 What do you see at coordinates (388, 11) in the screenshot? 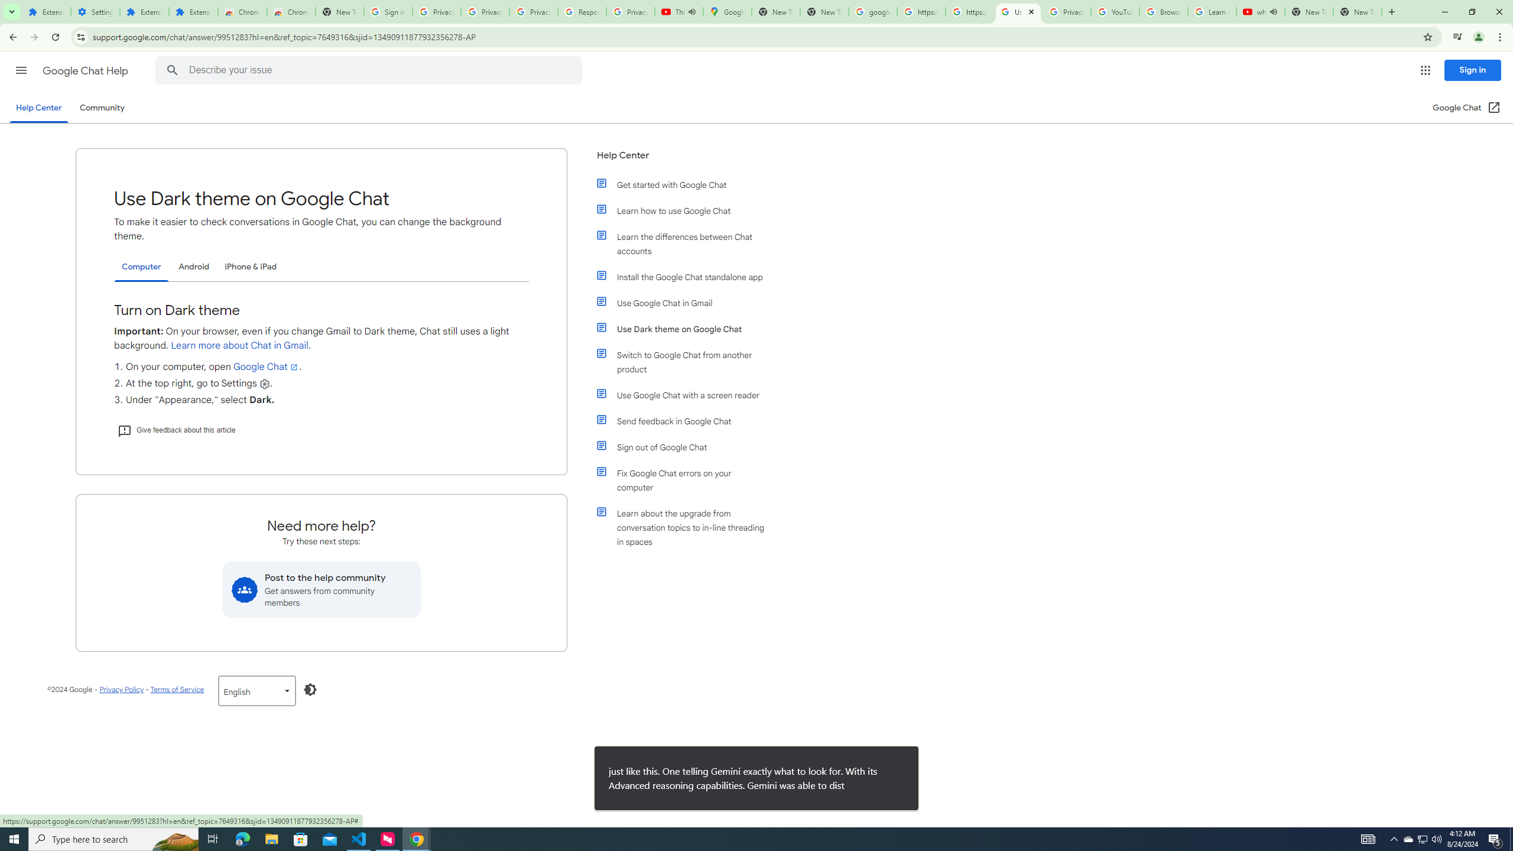
I see `'Sign in - Google Accounts'` at bounding box center [388, 11].